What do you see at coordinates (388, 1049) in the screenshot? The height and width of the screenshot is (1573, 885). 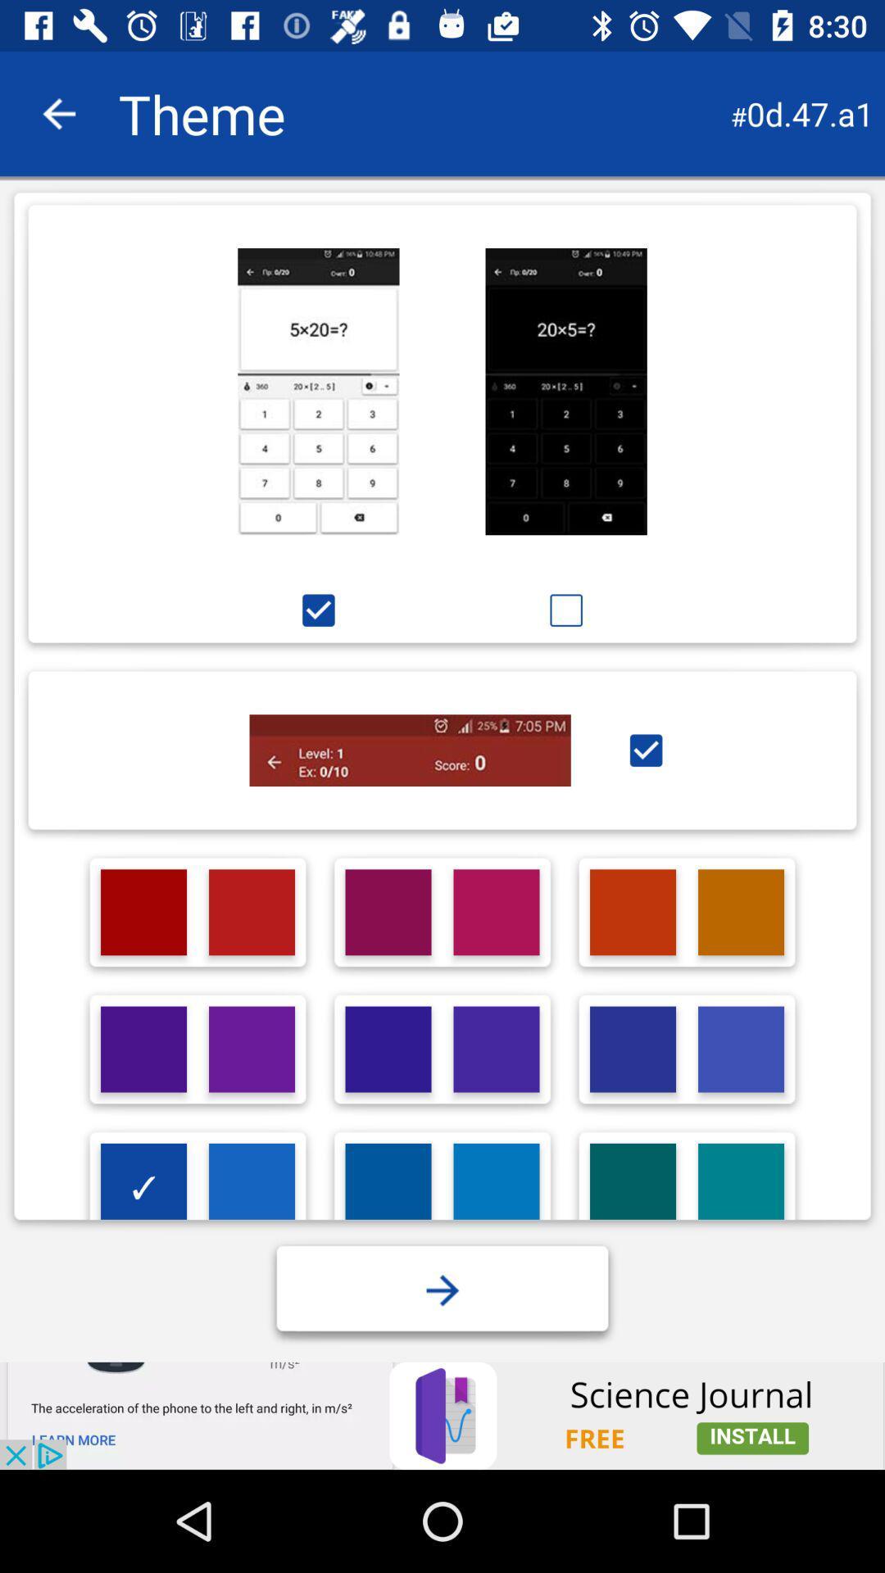 I see `colour option` at bounding box center [388, 1049].